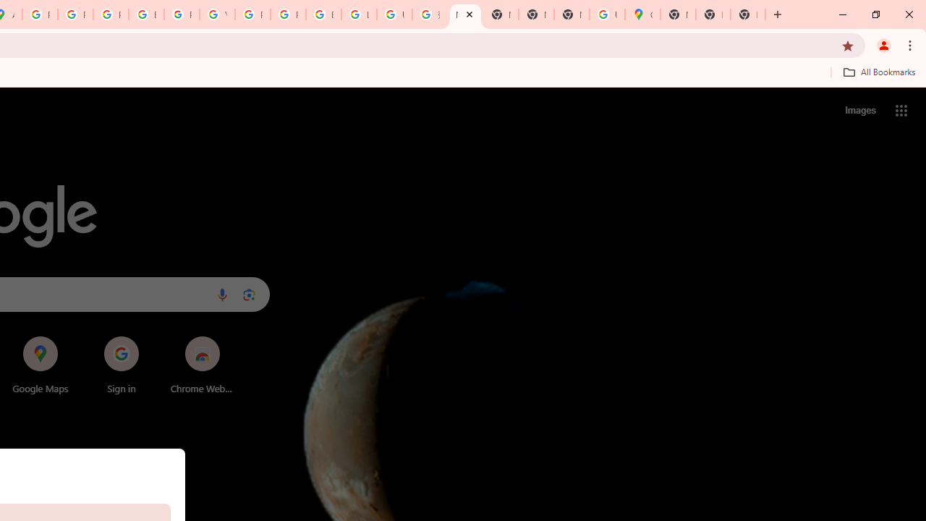  What do you see at coordinates (607, 14) in the screenshot?
I see `'Use Google Maps in Space - Google Maps Help'` at bounding box center [607, 14].